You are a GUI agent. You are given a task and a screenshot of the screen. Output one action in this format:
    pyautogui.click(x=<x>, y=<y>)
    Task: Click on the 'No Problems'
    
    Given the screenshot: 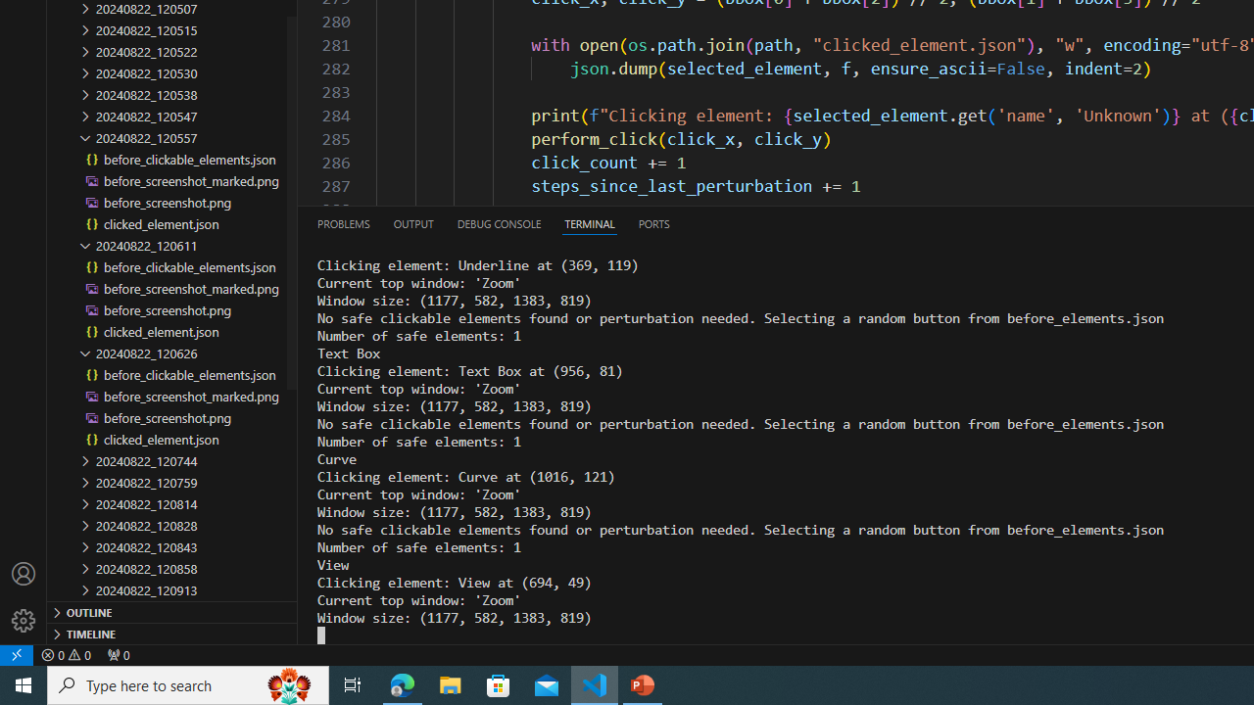 What is the action you would take?
    pyautogui.click(x=66, y=654)
    